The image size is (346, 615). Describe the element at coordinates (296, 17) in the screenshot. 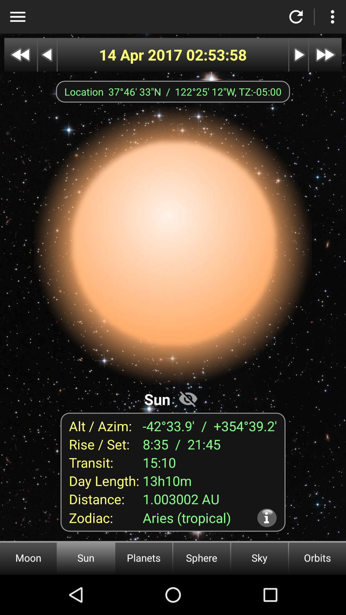

I see `the refresh icon` at that location.